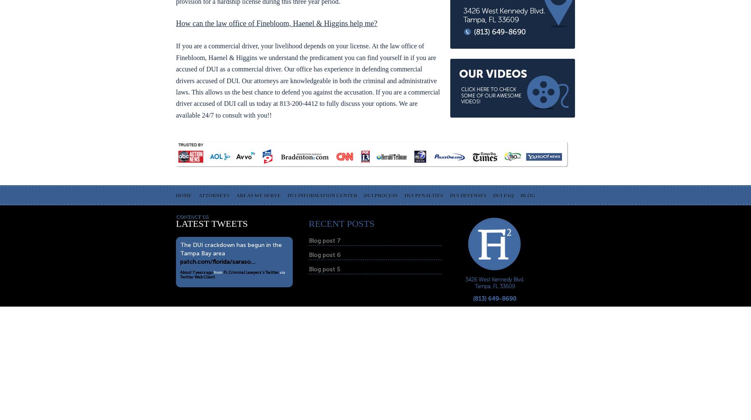 This screenshot has height=420, width=751. What do you see at coordinates (251, 272) in the screenshot?
I see `'FL Criminal Lawyers's Twitter'` at bounding box center [251, 272].